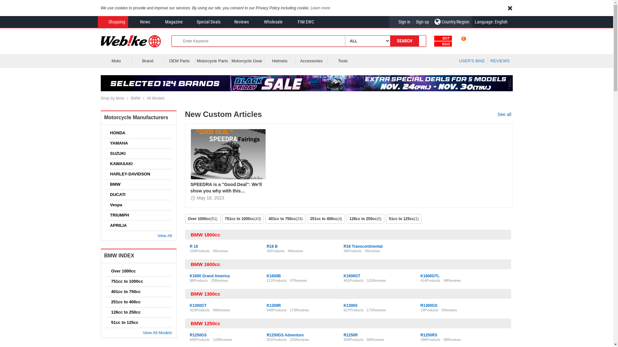 The height and width of the screenshot is (347, 618). Describe the element at coordinates (505, 114) in the screenshot. I see `'See all'` at that location.